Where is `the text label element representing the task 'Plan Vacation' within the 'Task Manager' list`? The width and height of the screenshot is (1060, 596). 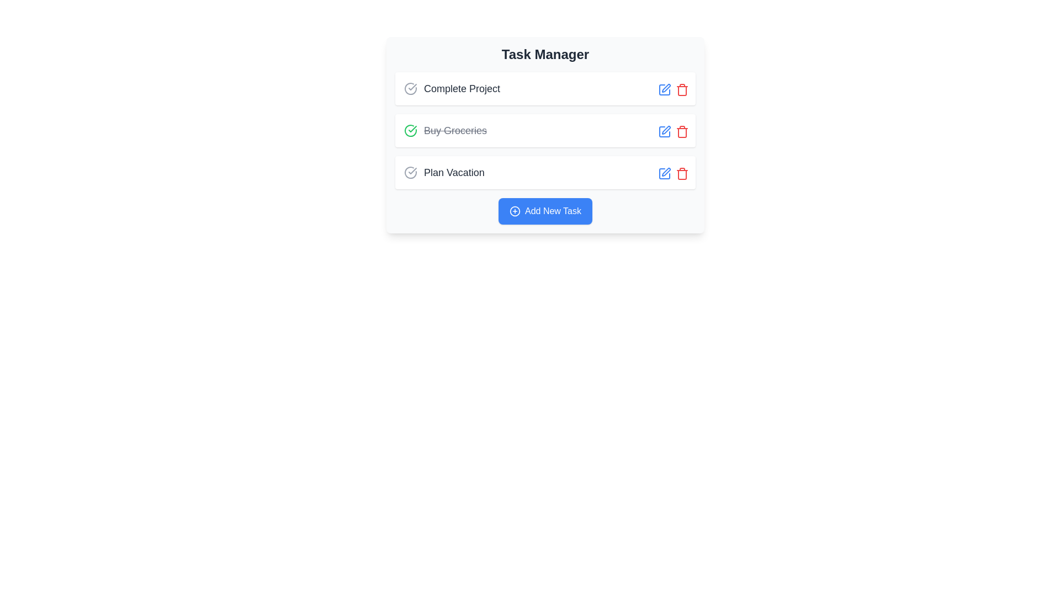 the text label element representing the task 'Plan Vacation' within the 'Task Manager' list is located at coordinates (454, 172).